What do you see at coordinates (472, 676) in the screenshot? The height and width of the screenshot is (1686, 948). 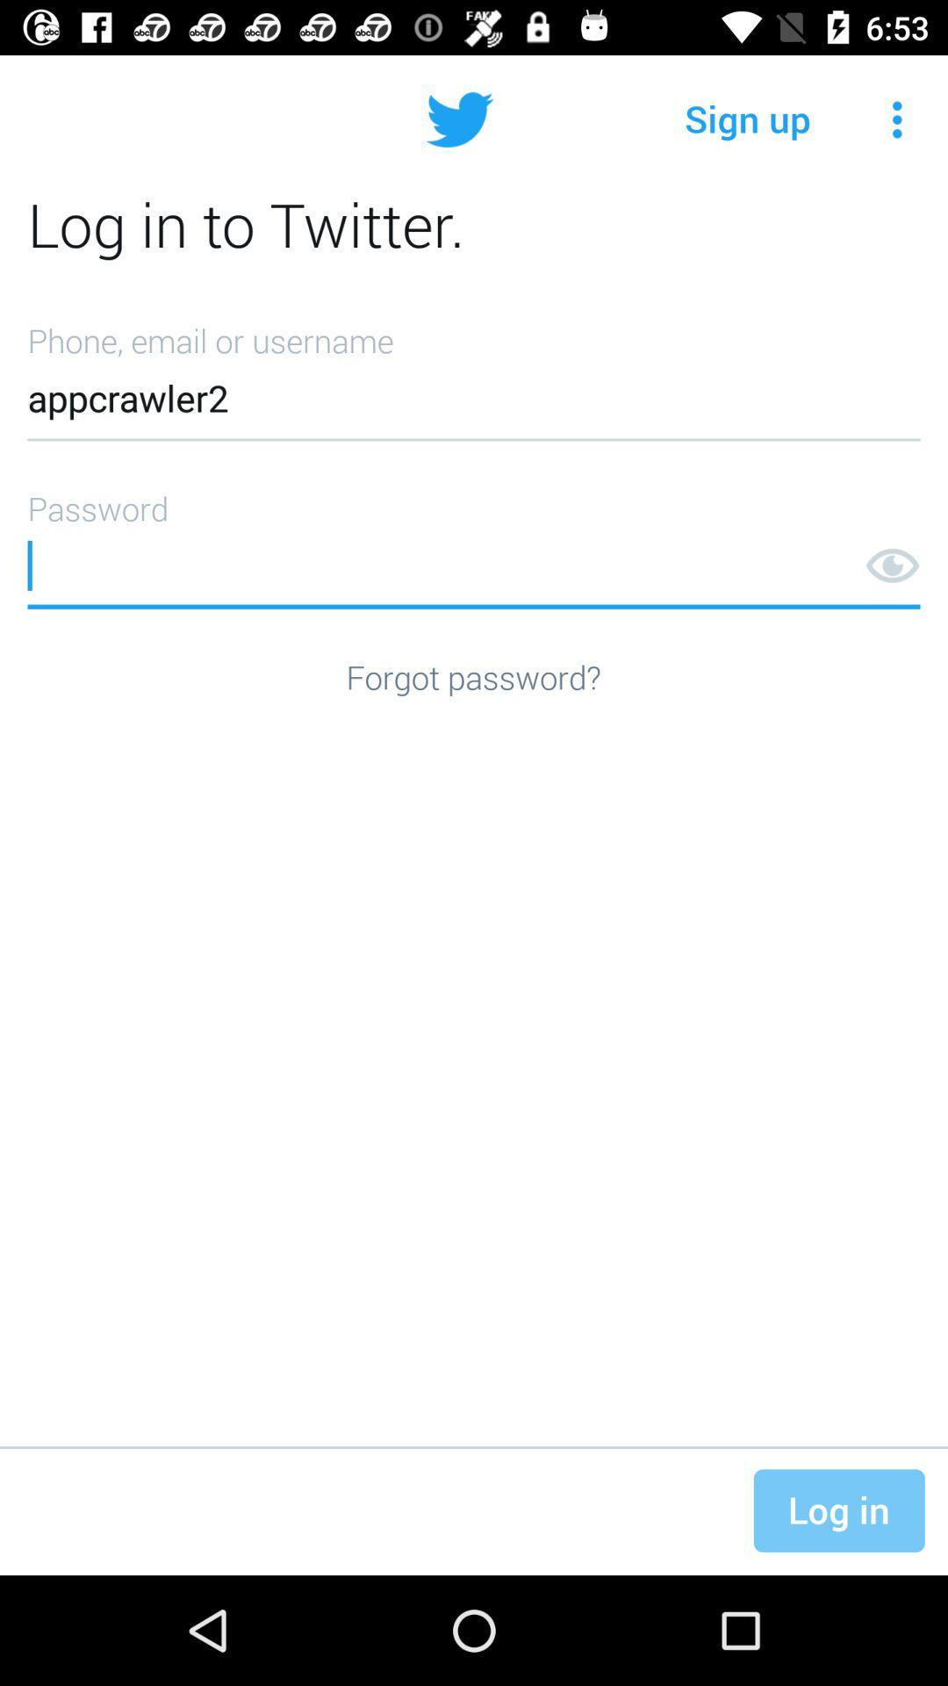 I see `the forgot password?` at bounding box center [472, 676].